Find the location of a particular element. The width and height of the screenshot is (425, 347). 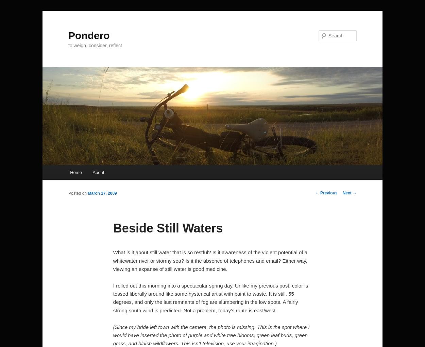

'to weigh, consider, reflect' is located at coordinates (95, 45).